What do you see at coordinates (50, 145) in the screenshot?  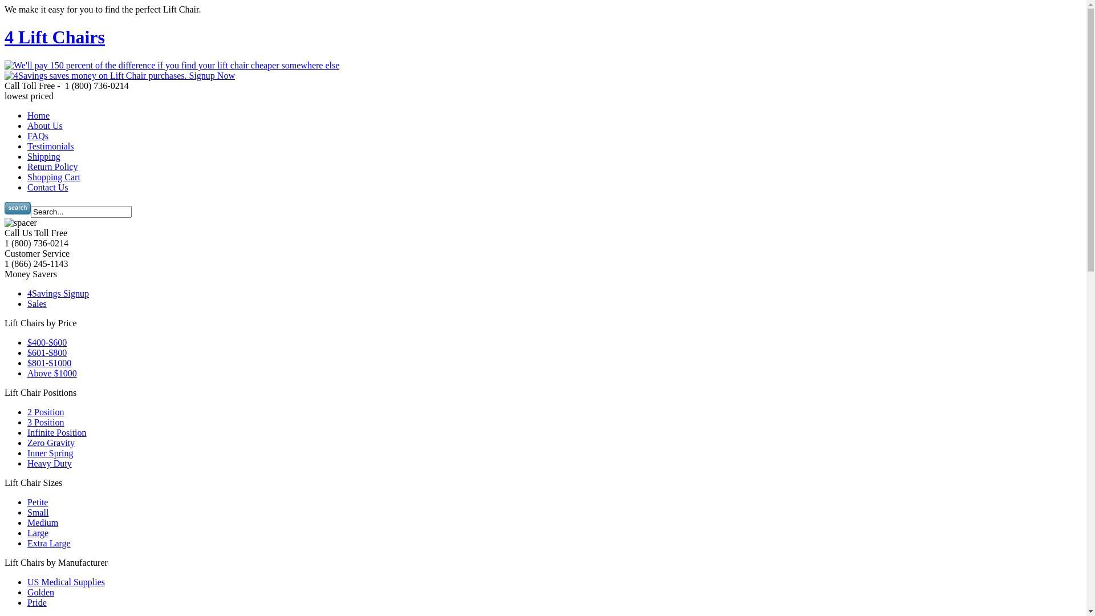 I see `'Testimonials'` at bounding box center [50, 145].